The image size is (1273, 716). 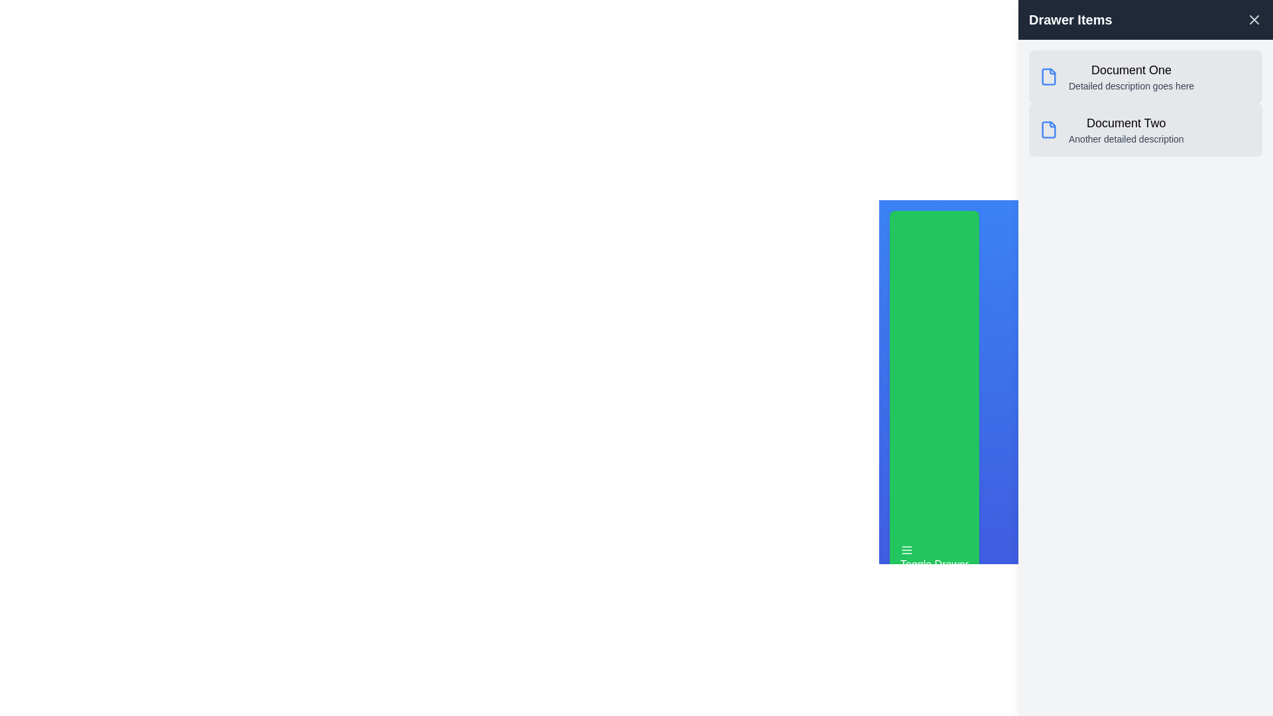 What do you see at coordinates (934, 558) in the screenshot?
I see `the 'Toggle Drawer' button to toggle the visibility of the drawer` at bounding box center [934, 558].